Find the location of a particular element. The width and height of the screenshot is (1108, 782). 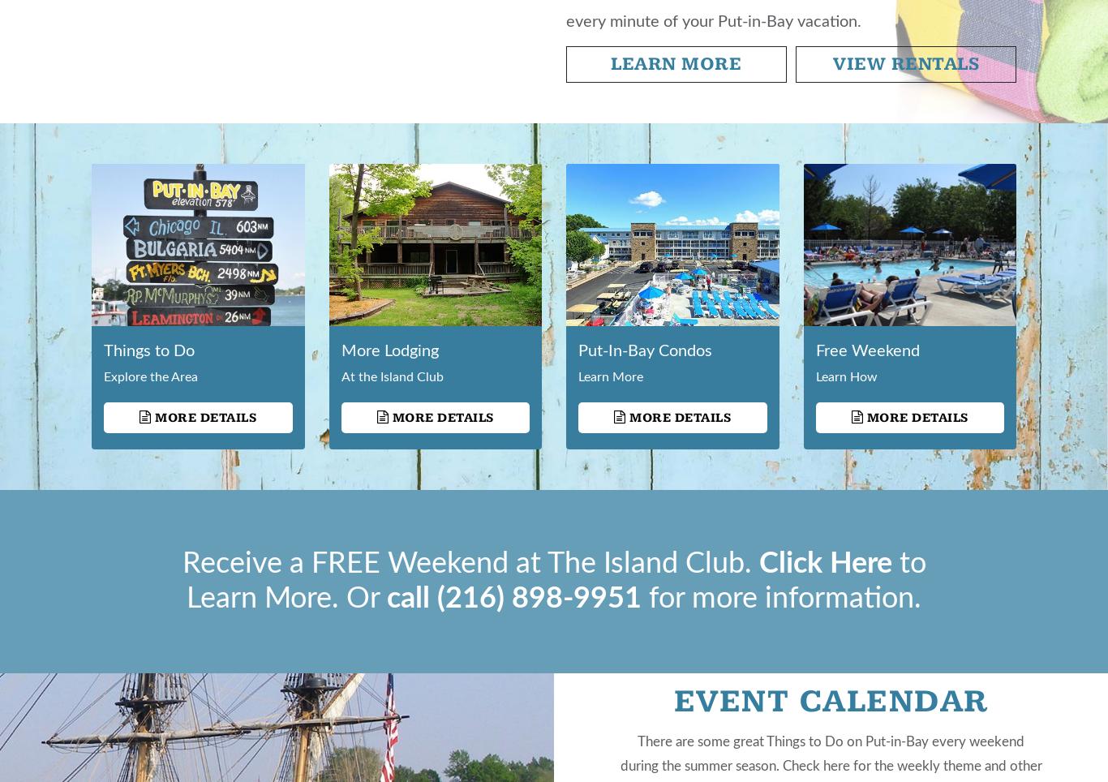

'call' is located at coordinates (412, 598).